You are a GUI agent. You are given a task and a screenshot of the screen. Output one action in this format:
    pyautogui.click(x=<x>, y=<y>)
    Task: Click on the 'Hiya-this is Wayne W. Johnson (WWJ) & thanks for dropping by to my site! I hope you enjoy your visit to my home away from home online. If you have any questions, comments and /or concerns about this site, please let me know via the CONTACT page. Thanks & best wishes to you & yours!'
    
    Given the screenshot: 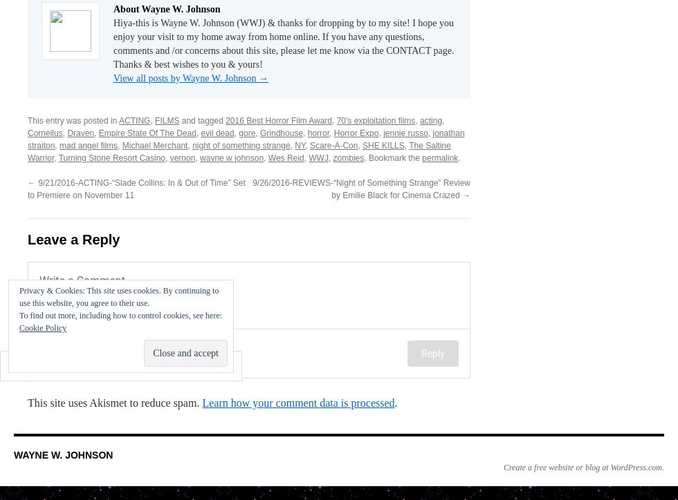 What is the action you would take?
    pyautogui.click(x=113, y=43)
    